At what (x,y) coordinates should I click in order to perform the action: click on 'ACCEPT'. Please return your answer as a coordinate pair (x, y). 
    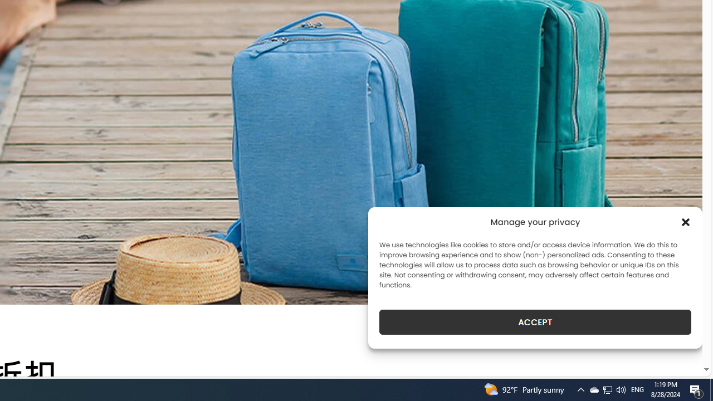
    Looking at the image, I should click on (535, 322).